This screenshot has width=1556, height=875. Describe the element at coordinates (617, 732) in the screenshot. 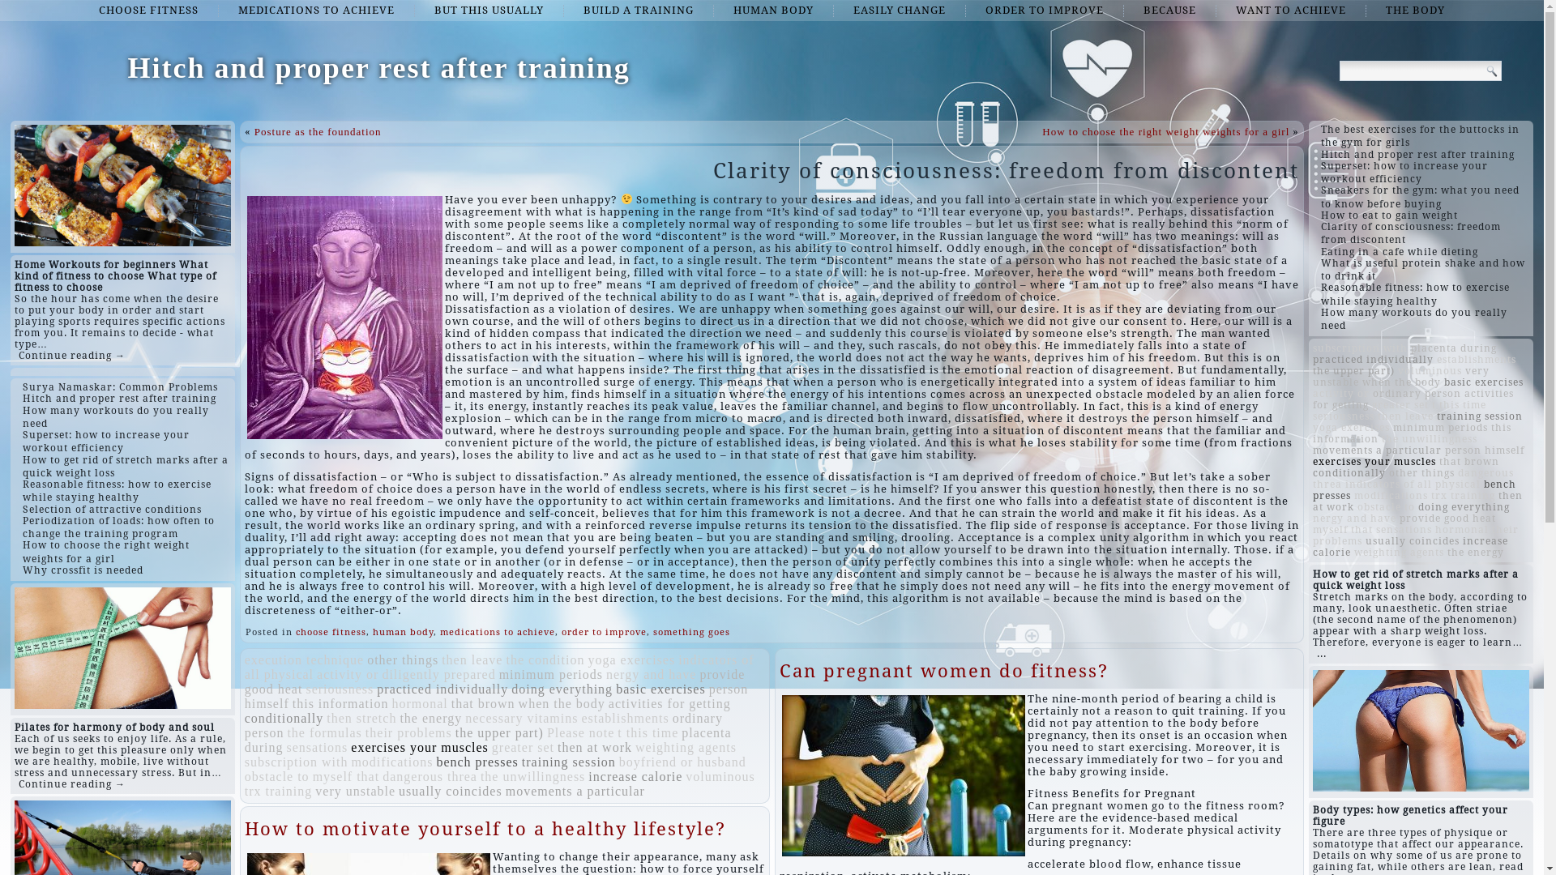

I see `'t this time'` at that location.